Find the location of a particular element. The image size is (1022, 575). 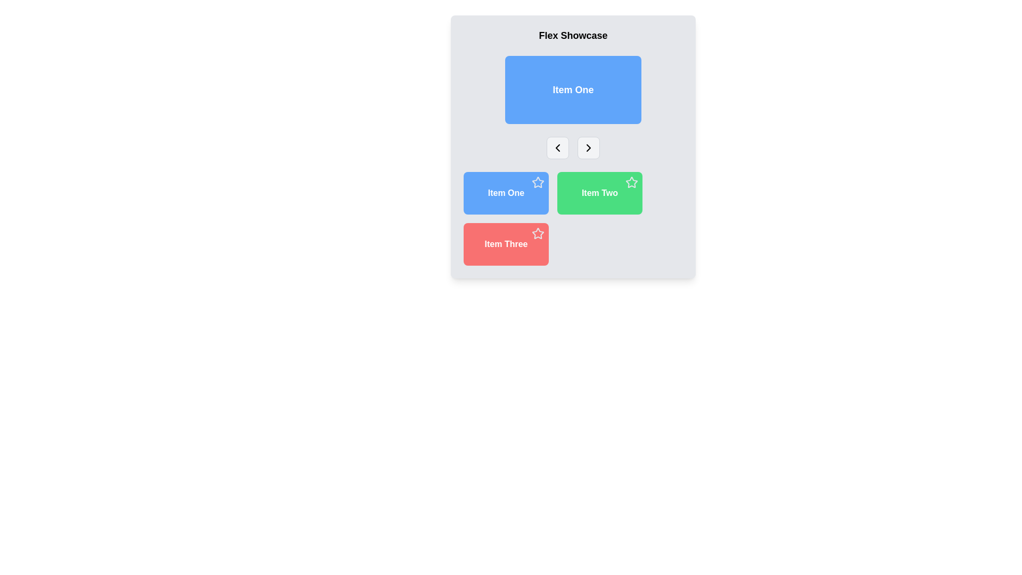

the hollow star-shaped icon located at the top-right corner of the red rectangular card labeled 'Item Three' is located at coordinates (538, 233).